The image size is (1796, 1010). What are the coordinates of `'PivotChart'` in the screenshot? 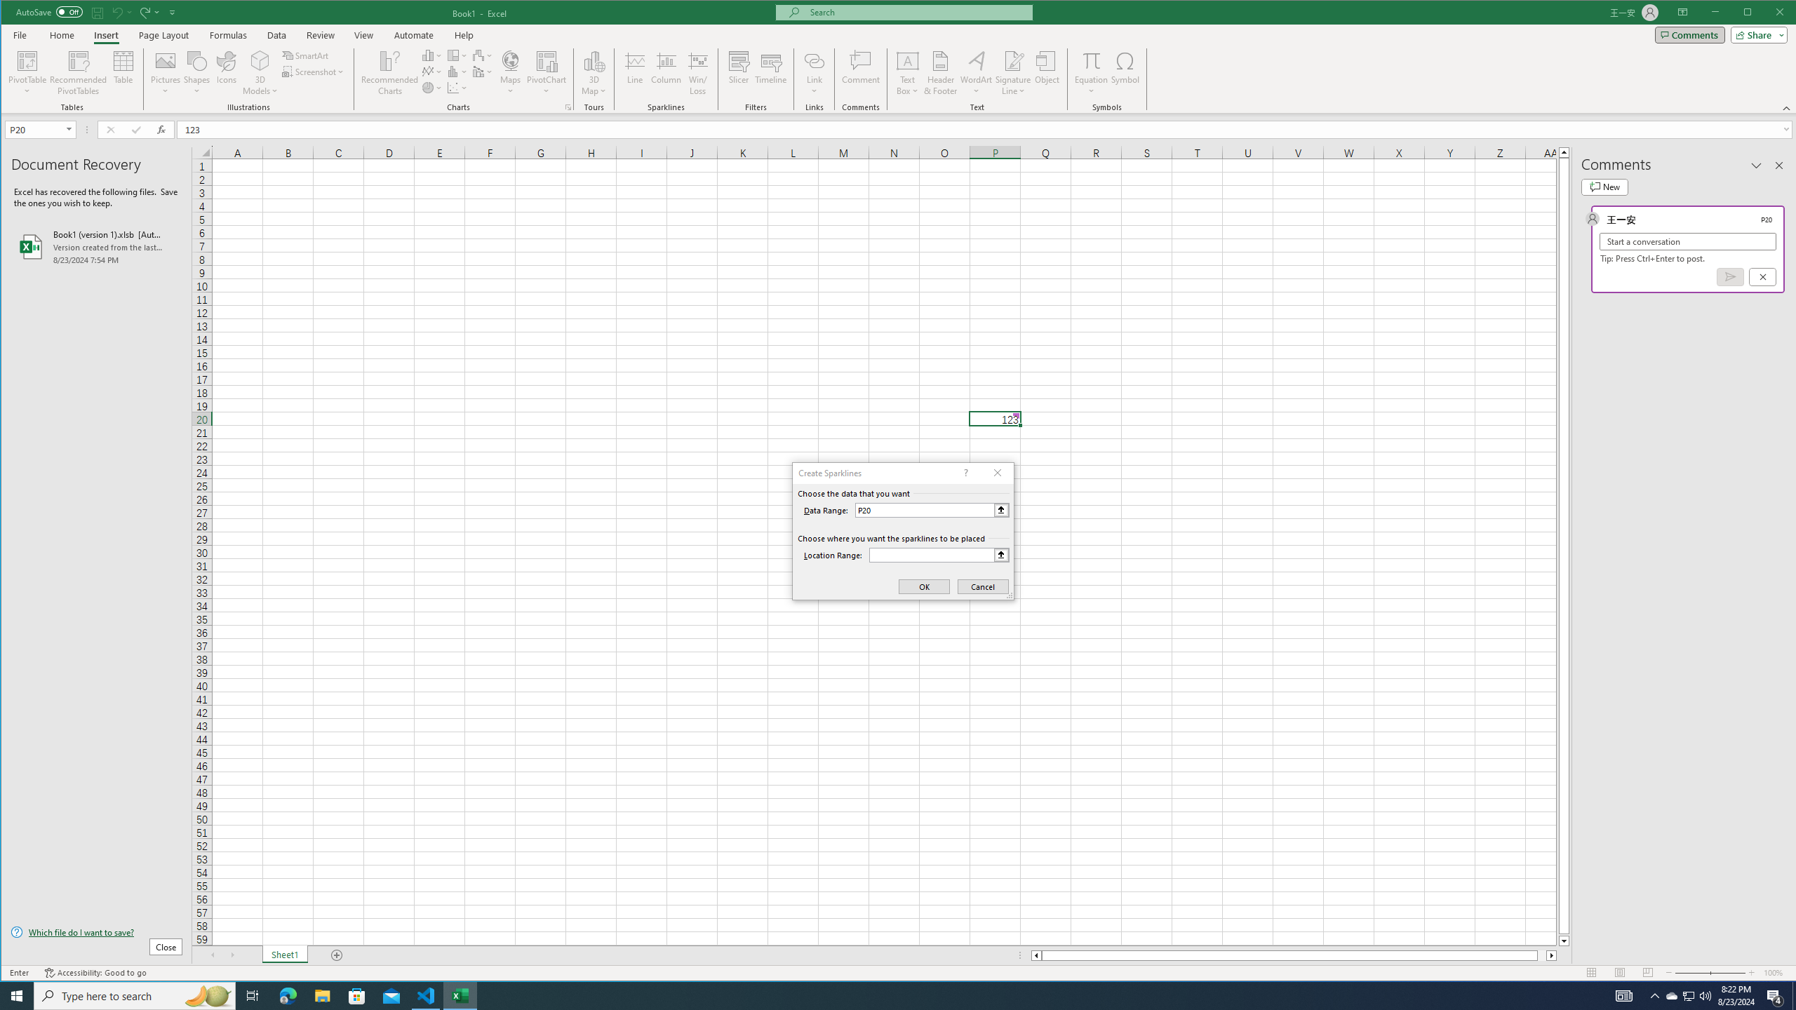 It's located at (546, 60).